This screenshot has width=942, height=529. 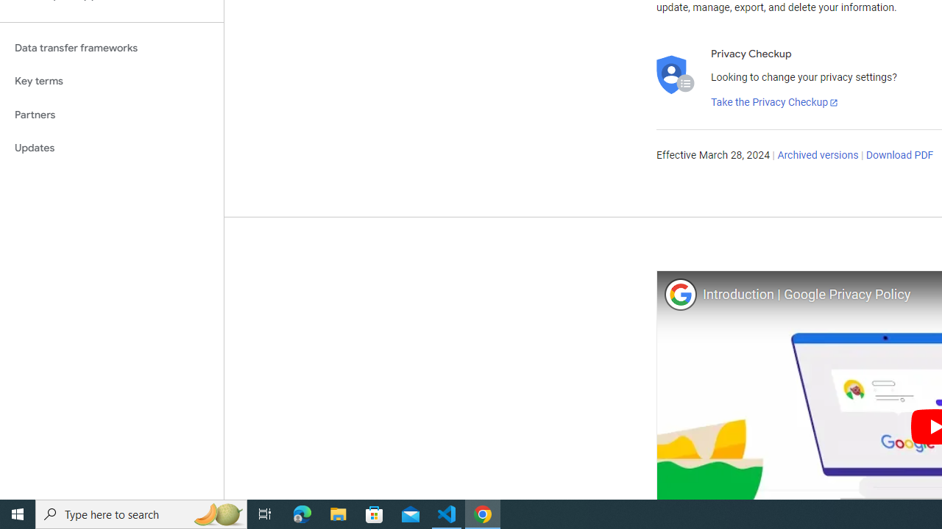 What do you see at coordinates (774, 102) in the screenshot?
I see `'Take the Privacy Checkup'` at bounding box center [774, 102].